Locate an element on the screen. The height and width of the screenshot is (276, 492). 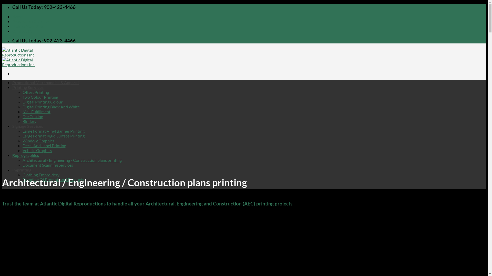
'Die Cutting' is located at coordinates (22, 116).